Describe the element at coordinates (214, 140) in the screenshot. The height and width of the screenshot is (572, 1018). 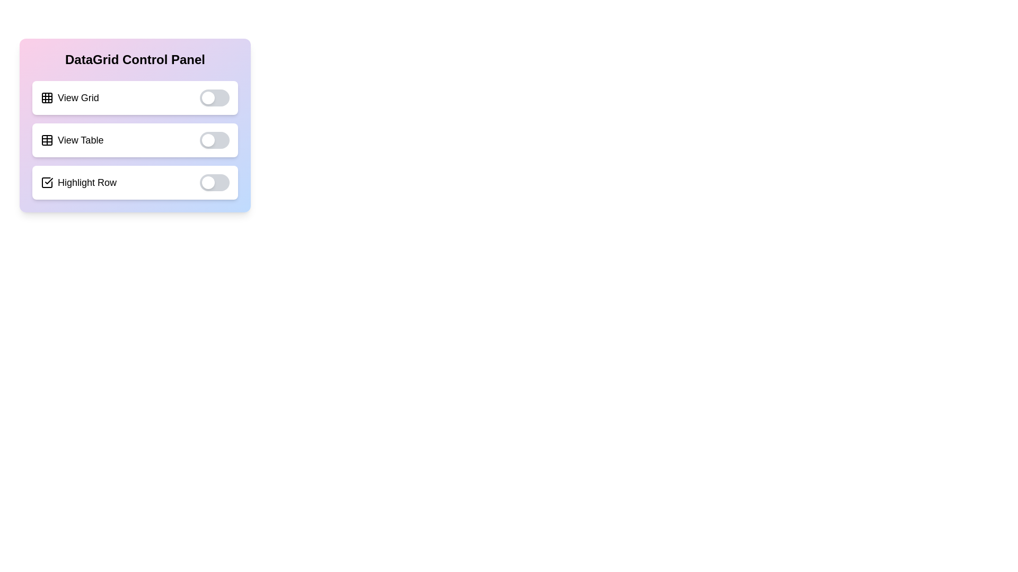
I see `the 'View Table' switch to toggle its state` at that location.